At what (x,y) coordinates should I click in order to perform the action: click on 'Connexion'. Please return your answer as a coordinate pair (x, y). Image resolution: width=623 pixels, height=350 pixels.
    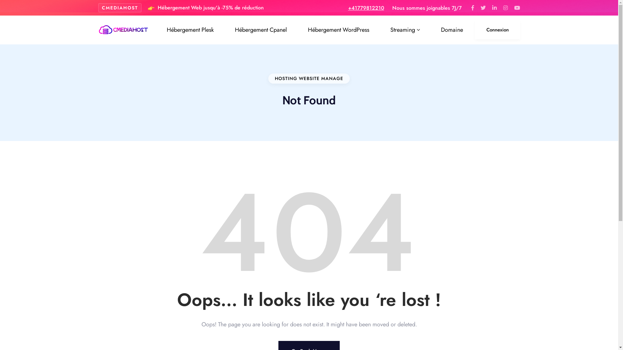
    Looking at the image, I should click on (497, 30).